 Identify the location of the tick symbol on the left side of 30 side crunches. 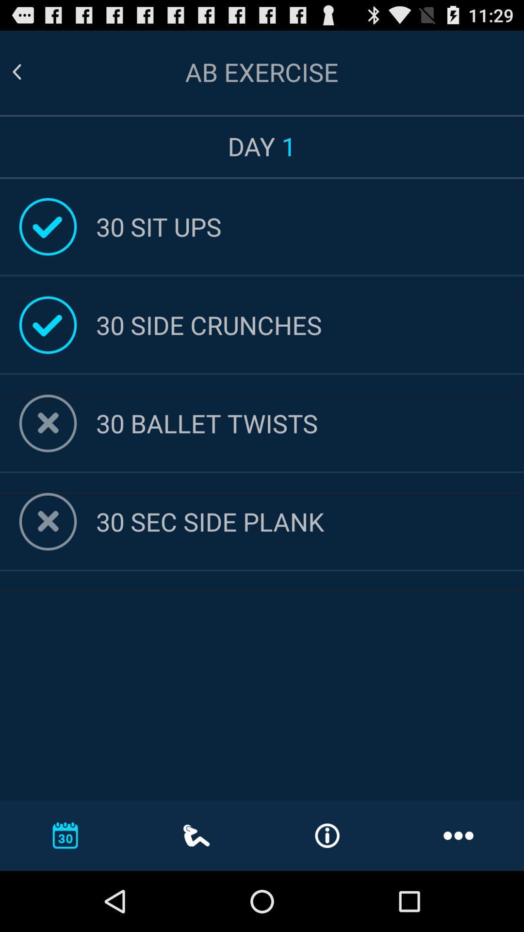
(48, 325).